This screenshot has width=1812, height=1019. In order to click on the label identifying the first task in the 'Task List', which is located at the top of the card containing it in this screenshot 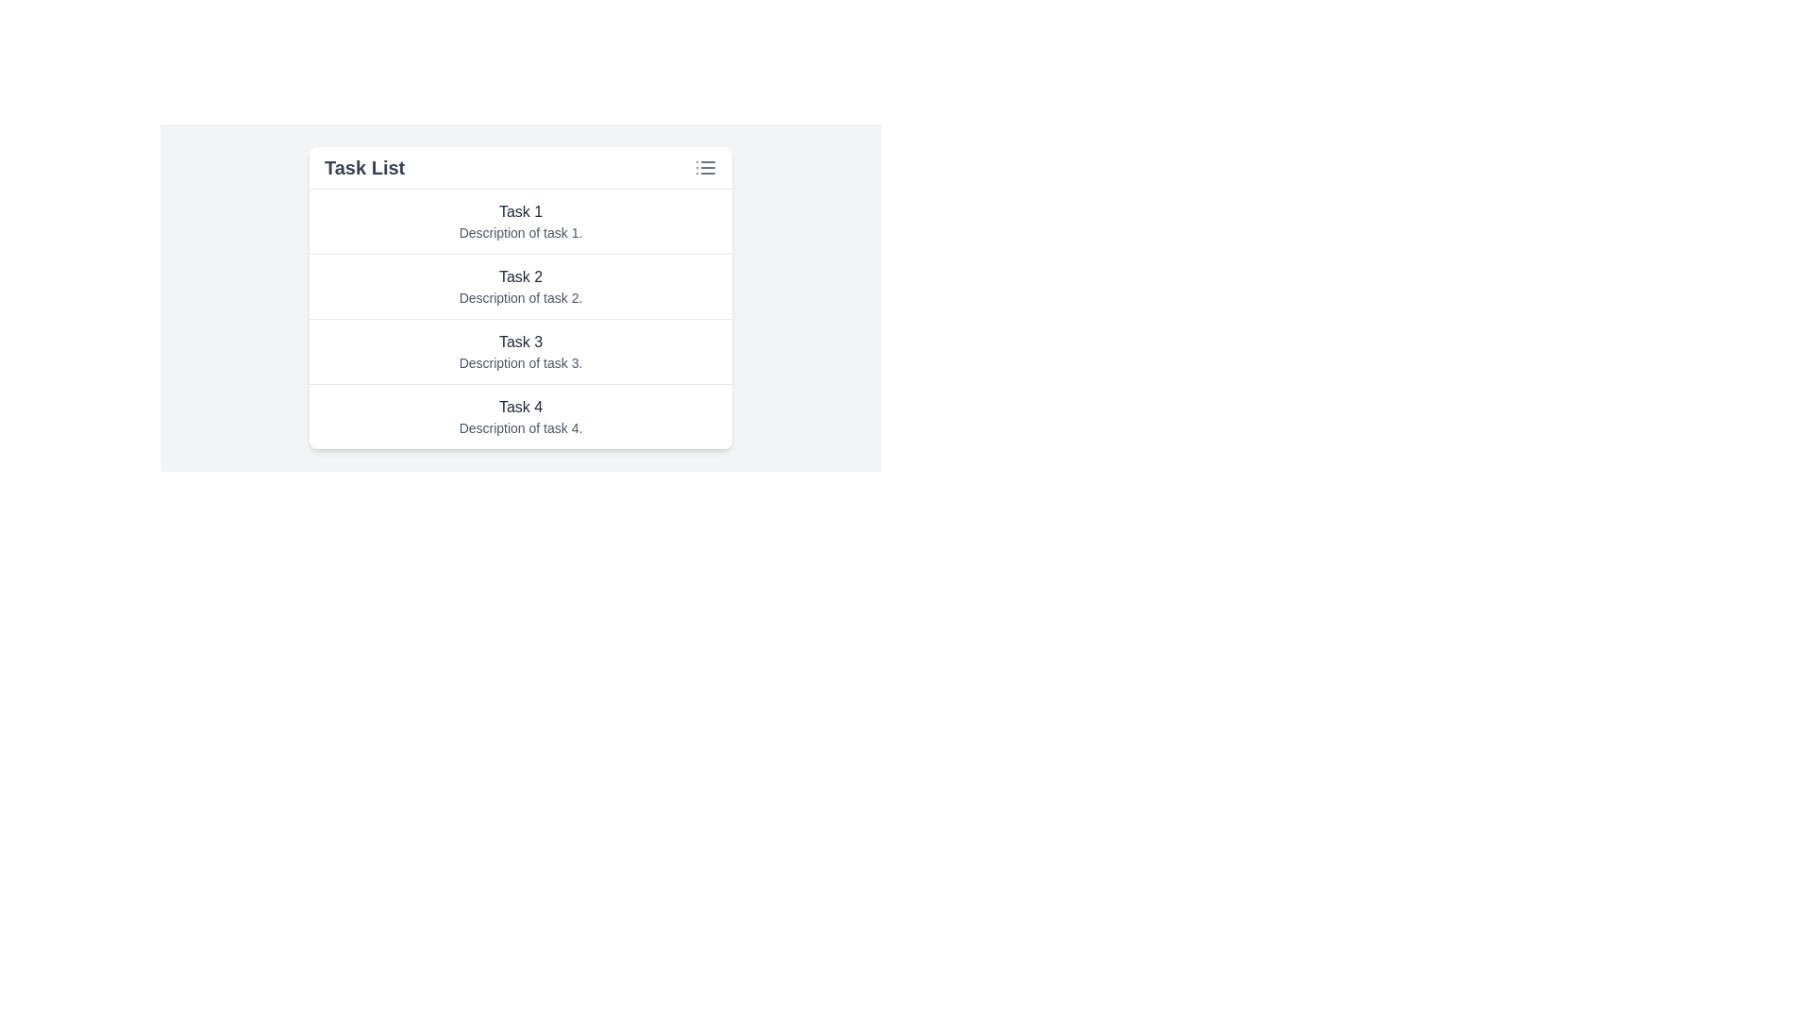, I will do `click(521, 211)`.